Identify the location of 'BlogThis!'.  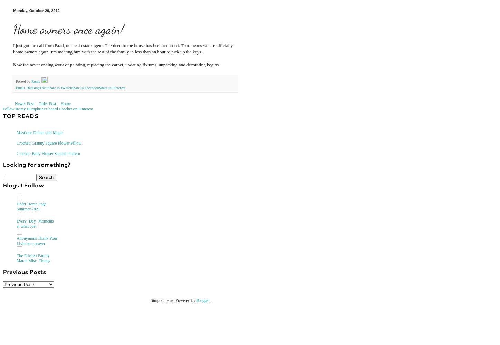
(39, 87).